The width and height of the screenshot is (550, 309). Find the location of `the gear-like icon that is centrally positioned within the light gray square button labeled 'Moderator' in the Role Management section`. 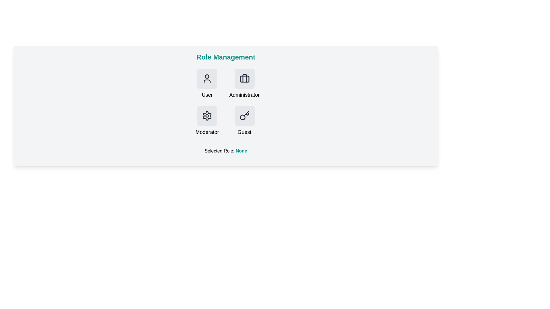

the gear-like icon that is centrally positioned within the light gray square button labeled 'Moderator' in the Role Management section is located at coordinates (207, 116).